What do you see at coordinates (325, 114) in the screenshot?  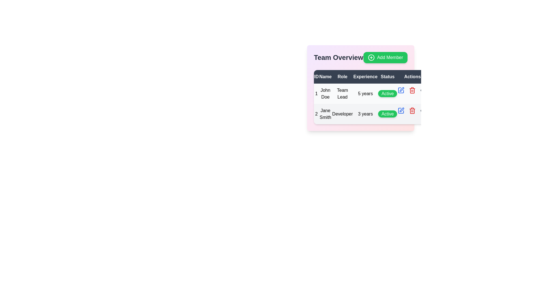 I see `the text label 'Jane Smith' located in the second column of the second row of the table` at bounding box center [325, 114].